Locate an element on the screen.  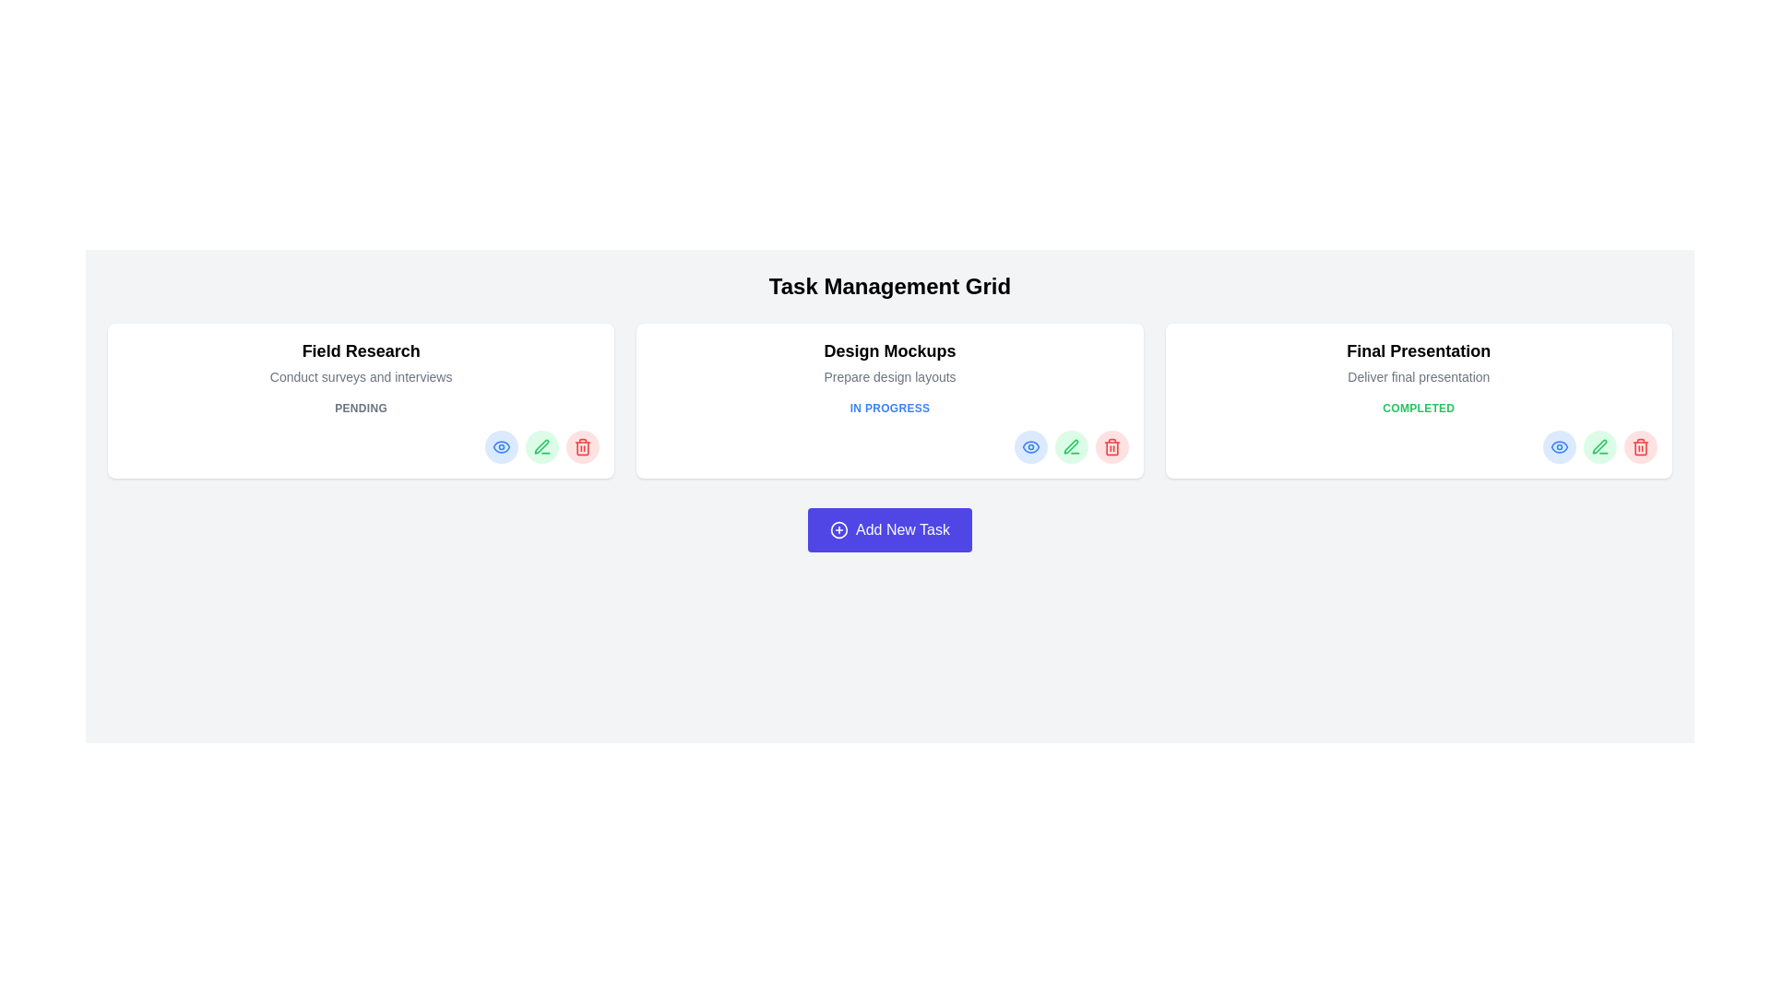
the entire 'eye' icon group located within the 'Design Mockups' card, specifically targeting the outer oval of the eye shape is located at coordinates (1029, 447).